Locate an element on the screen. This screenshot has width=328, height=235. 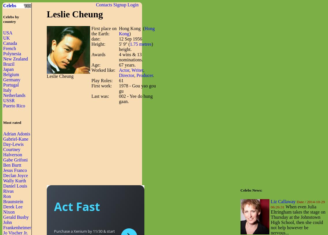
'Adrian Adonis' is located at coordinates (3, 133).